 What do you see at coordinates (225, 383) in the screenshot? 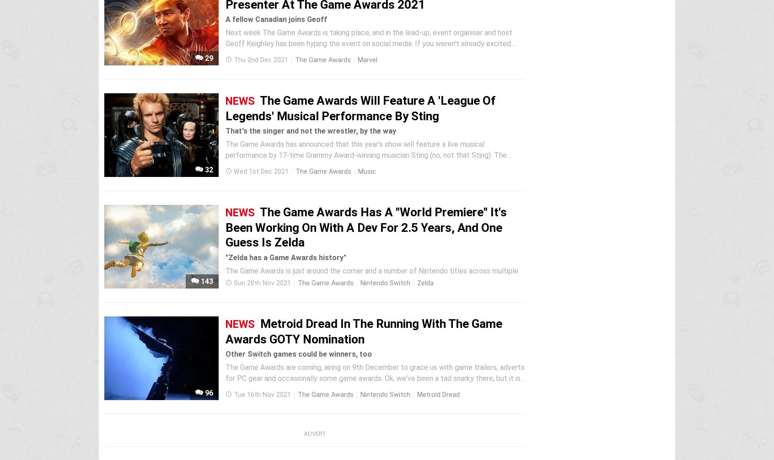
I see `'The Game Awards are coming, airing on 9th December to grace us with game trailers, adverts for PC gear and occasionally some game awards. Ok, we've been a tad snarky there, but it is a big annual event in the gaming calendar and the Switch has some notable nominees this time around. 
The most exciting is...'` at bounding box center [225, 383].